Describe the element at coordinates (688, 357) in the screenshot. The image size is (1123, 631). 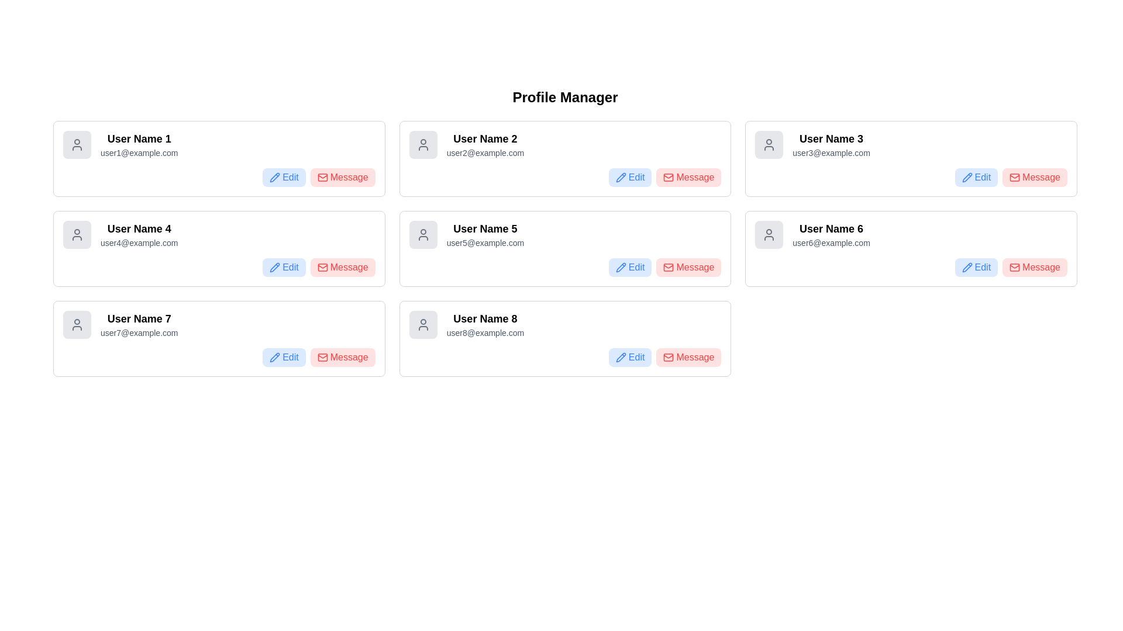
I see `the message sending button located in the lower-right corner of the panel for 'User Name 8'` at that location.